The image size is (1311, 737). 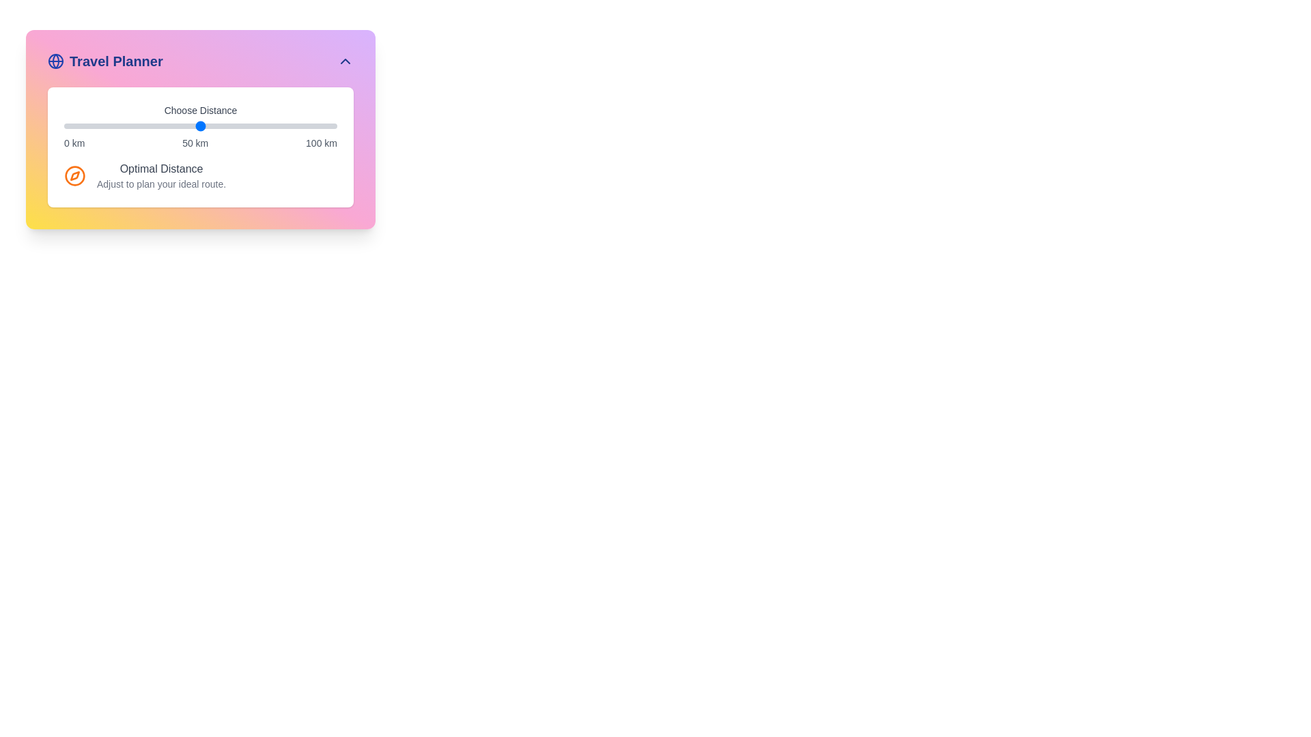 What do you see at coordinates (252, 126) in the screenshot?
I see `the distance slider` at bounding box center [252, 126].